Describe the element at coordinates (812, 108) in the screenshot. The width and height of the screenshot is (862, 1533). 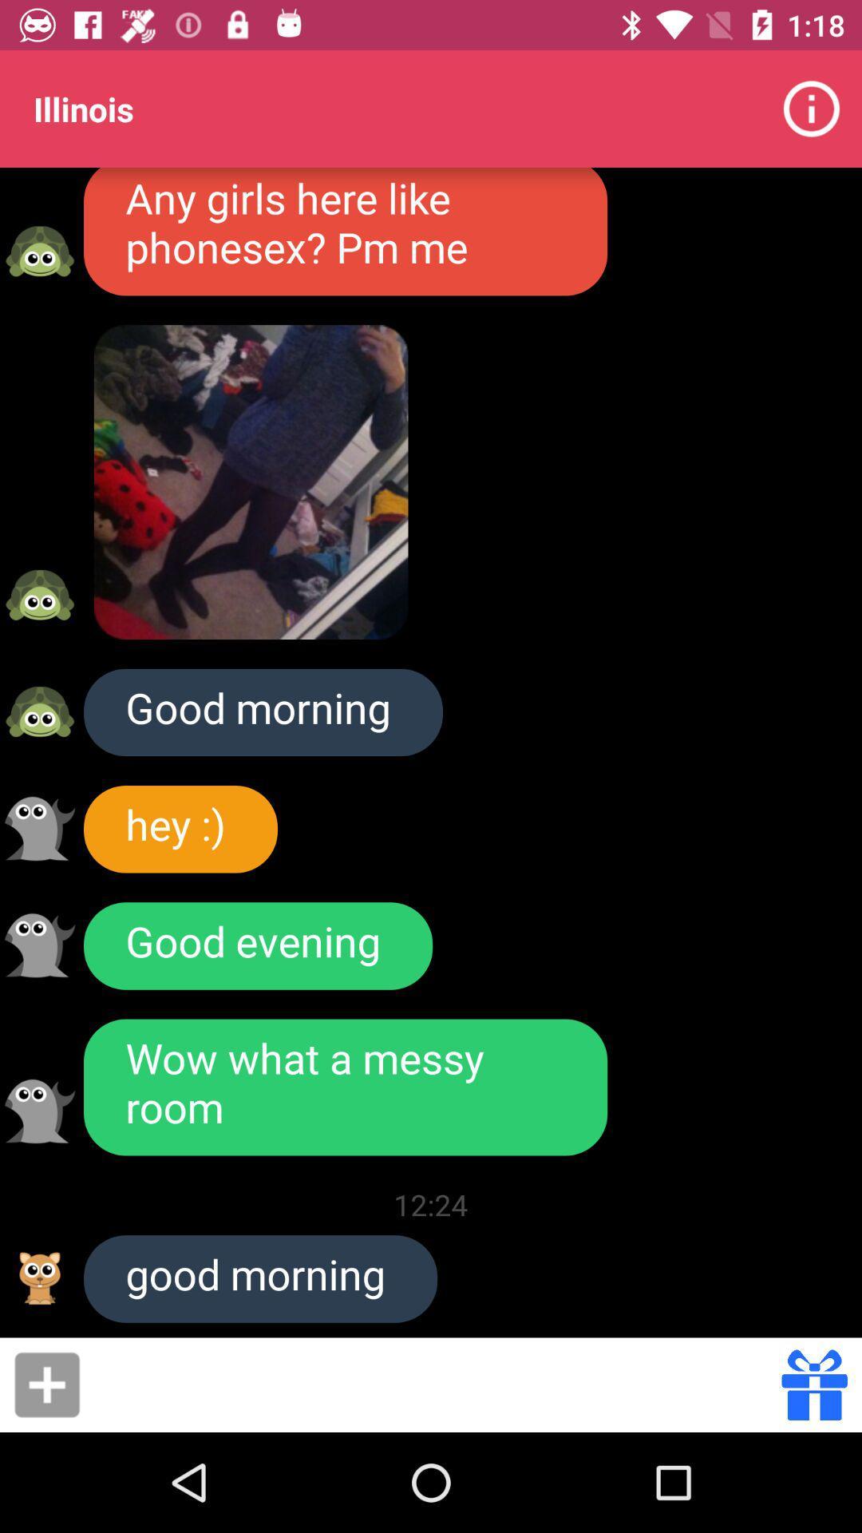
I see `icon next to any girls here item` at that location.